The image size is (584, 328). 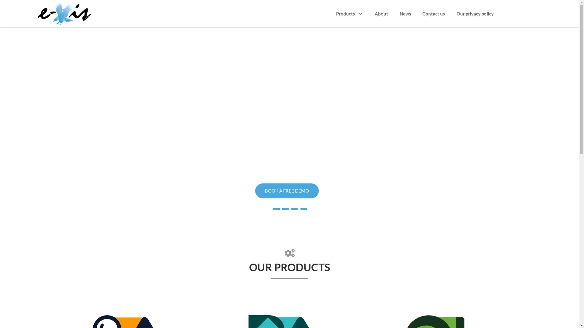 I want to click on 'About', so click(x=381, y=14).